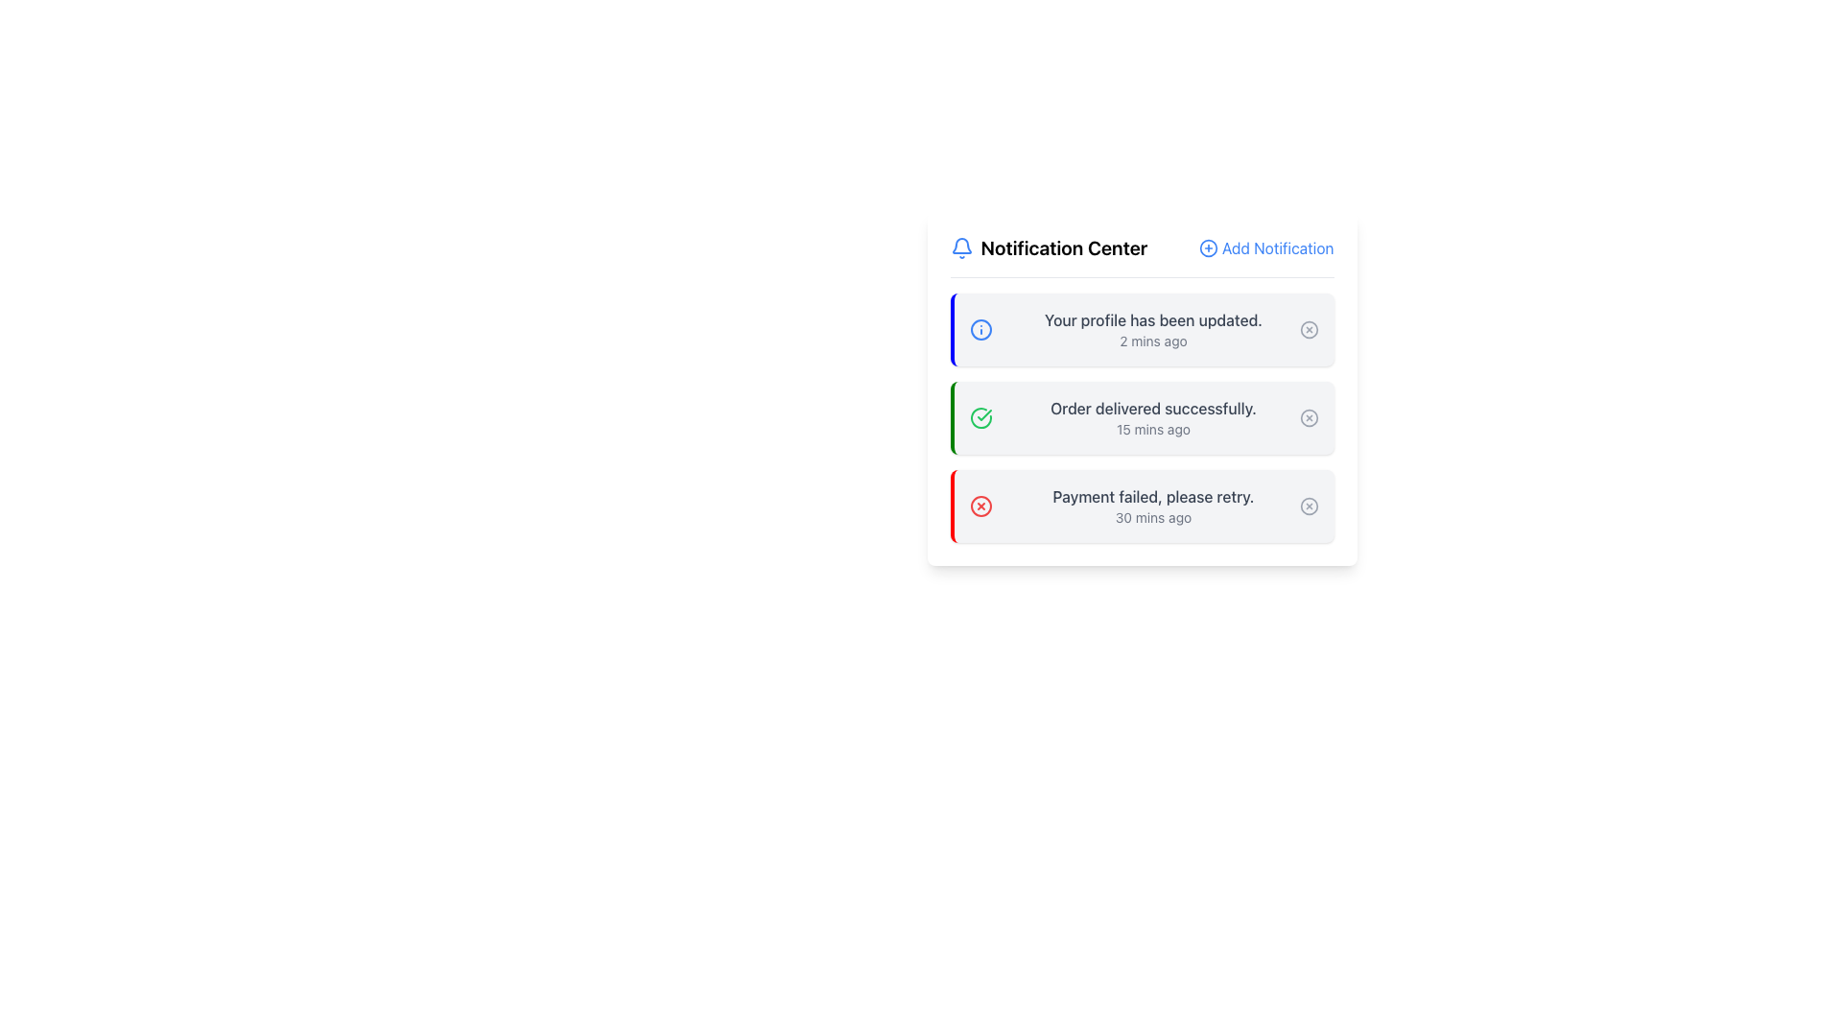 This screenshot has width=1842, height=1036. I want to click on the text snippet displaying 'Your profile has been updated.' which is styled in gray and located in the first notification of the vertical stack, so click(1152, 319).